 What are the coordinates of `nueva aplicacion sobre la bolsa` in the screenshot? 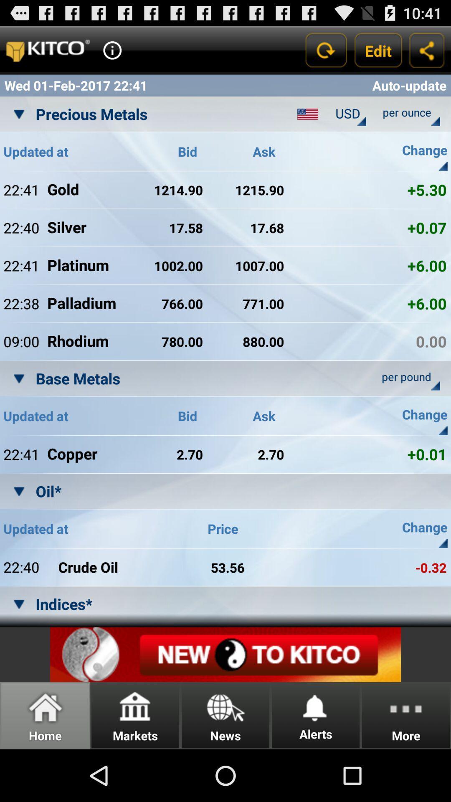 It's located at (225, 654).